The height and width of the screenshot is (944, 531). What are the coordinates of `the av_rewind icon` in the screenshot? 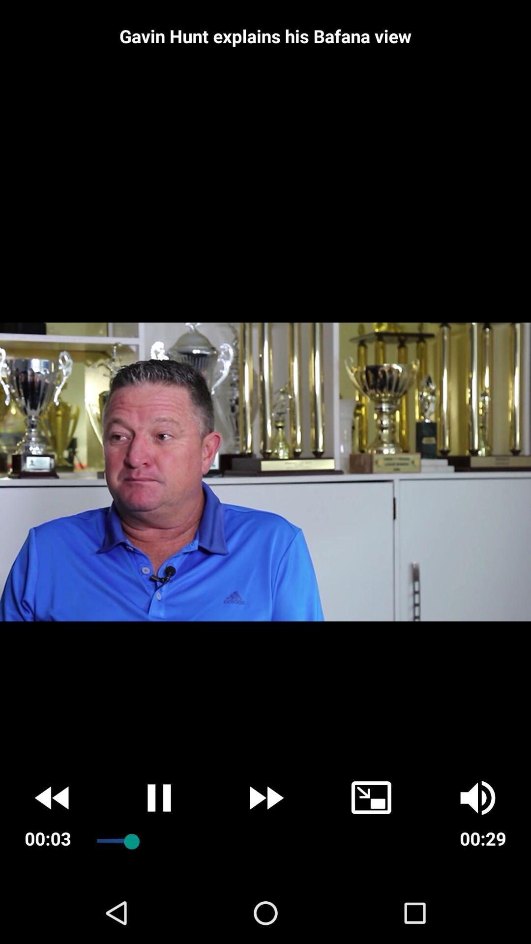 It's located at (53, 797).